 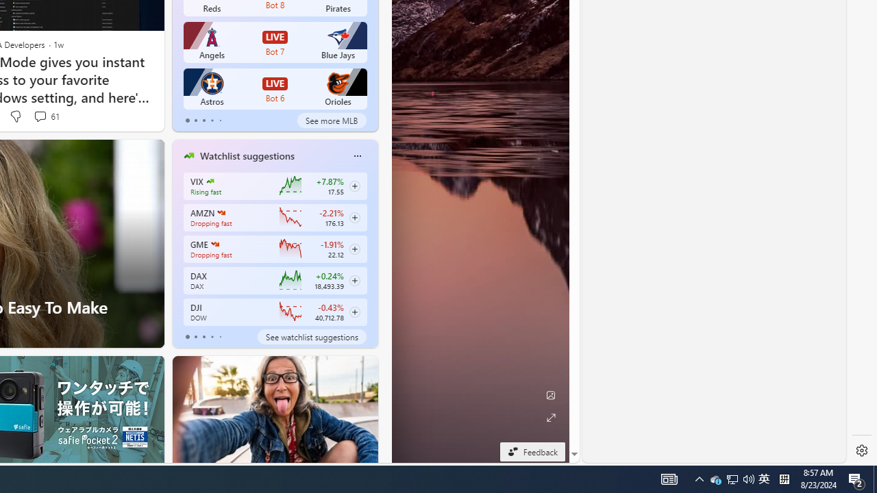 I want to click on 'View comments 61 Comment', so click(x=40, y=115).